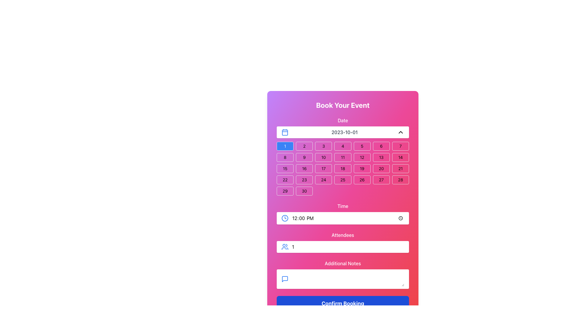 This screenshot has height=319, width=567. Describe the element at coordinates (343, 304) in the screenshot. I see `the confirmation button located at the bottom of the 'Book Your Event' form card to confirm the booking` at that location.